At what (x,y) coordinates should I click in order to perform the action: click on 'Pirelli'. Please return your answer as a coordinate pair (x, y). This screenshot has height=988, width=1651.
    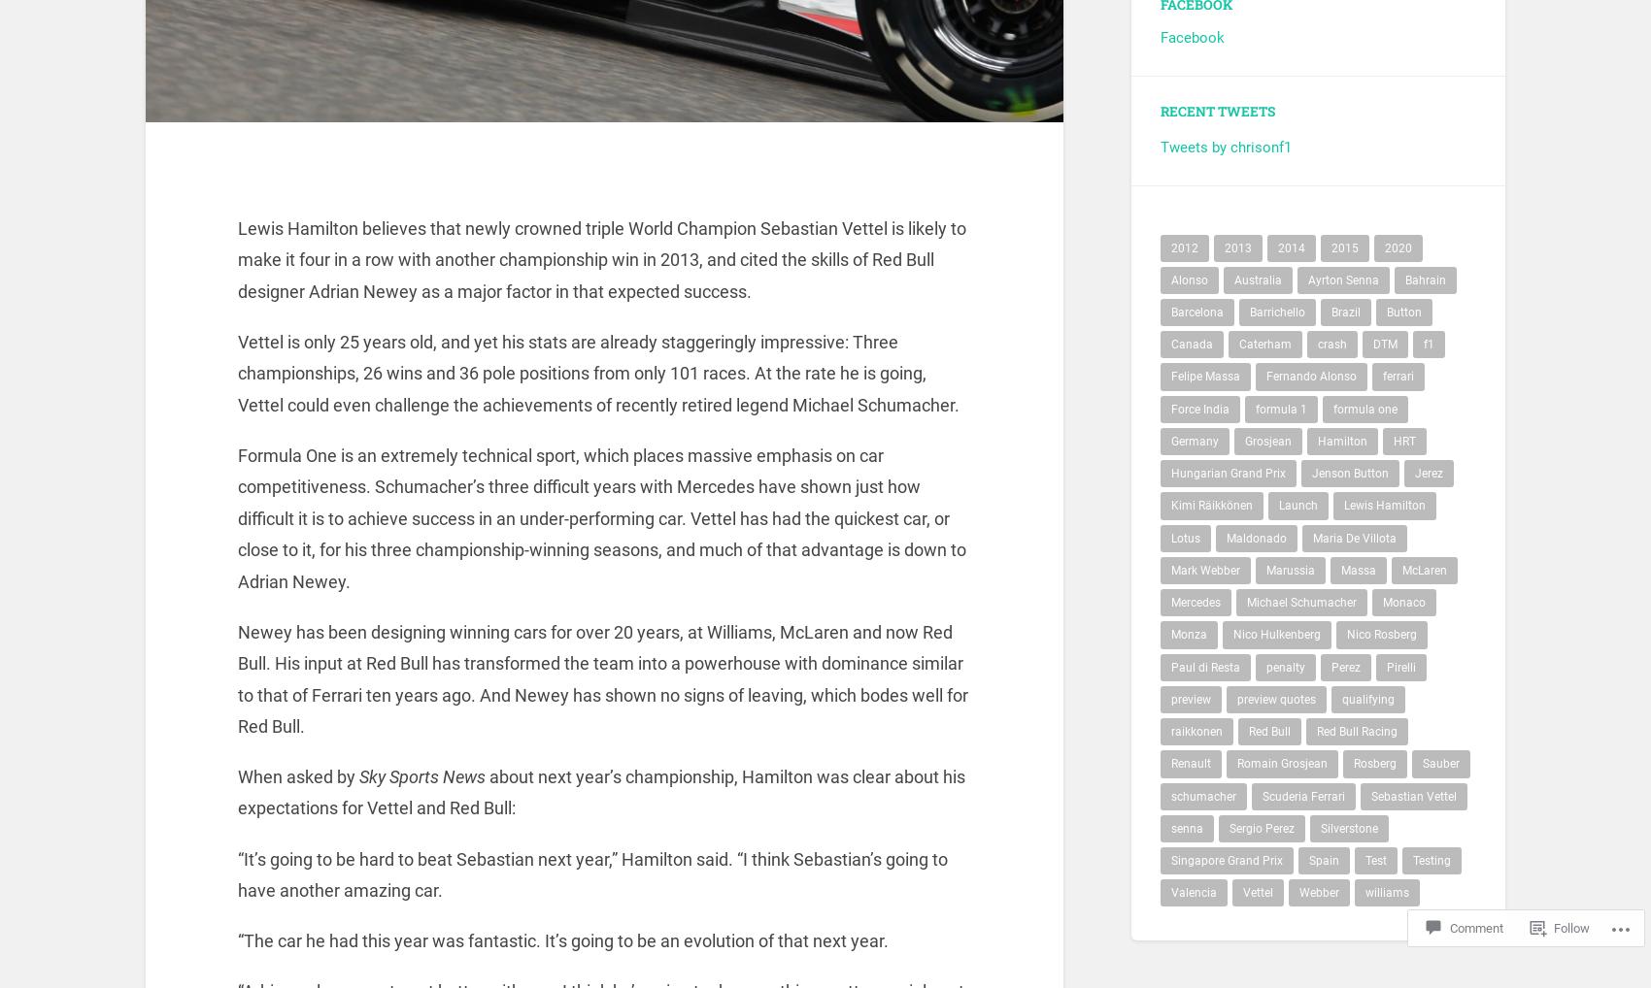
    Looking at the image, I should click on (1399, 677).